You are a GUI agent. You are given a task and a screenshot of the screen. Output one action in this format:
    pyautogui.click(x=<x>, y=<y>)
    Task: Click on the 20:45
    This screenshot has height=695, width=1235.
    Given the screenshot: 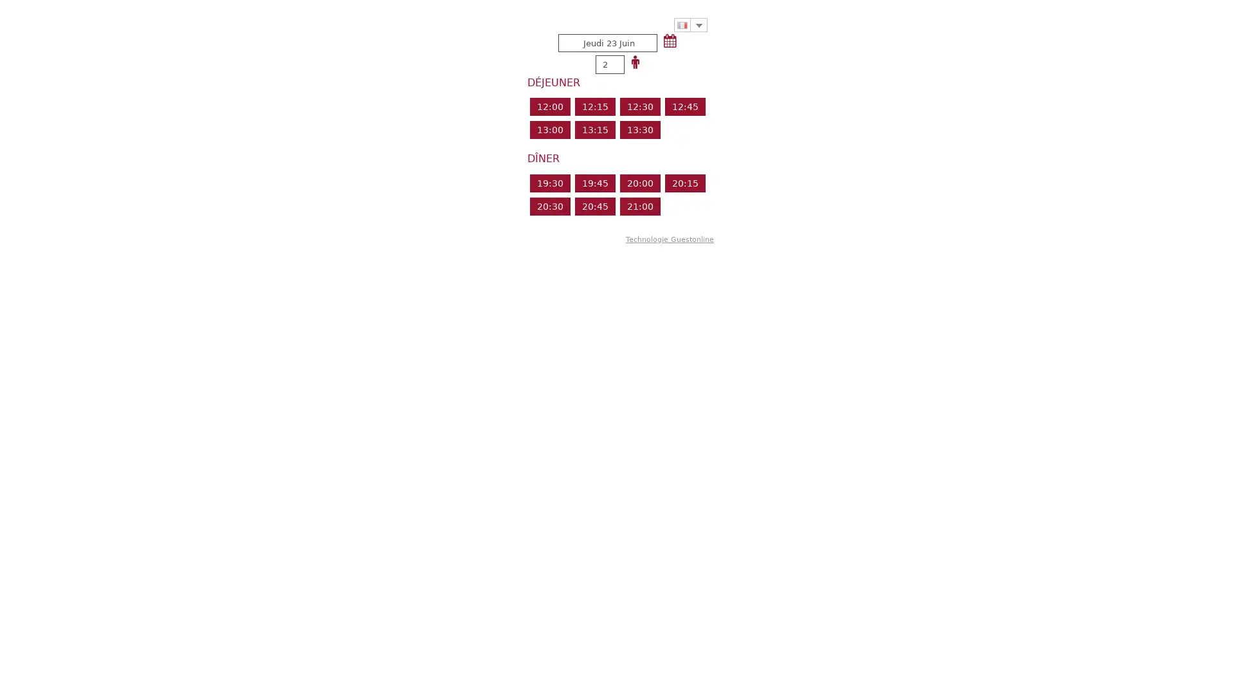 What is the action you would take?
    pyautogui.click(x=594, y=205)
    